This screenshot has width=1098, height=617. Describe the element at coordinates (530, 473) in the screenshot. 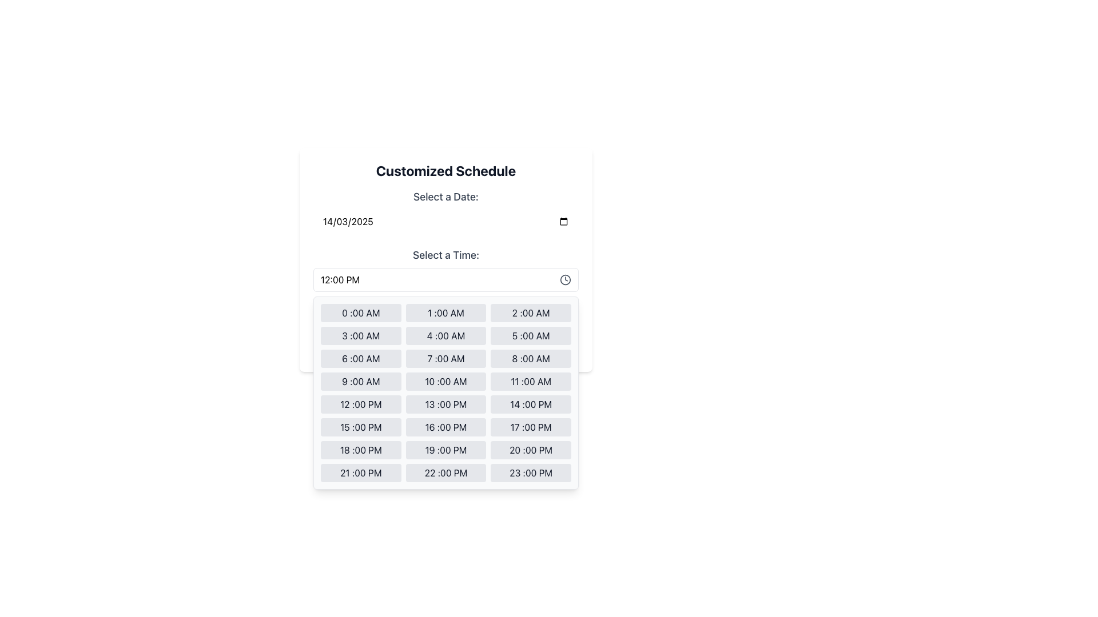

I see `the button representing the time choice of 23:00 PM in the scheduling interface` at that location.